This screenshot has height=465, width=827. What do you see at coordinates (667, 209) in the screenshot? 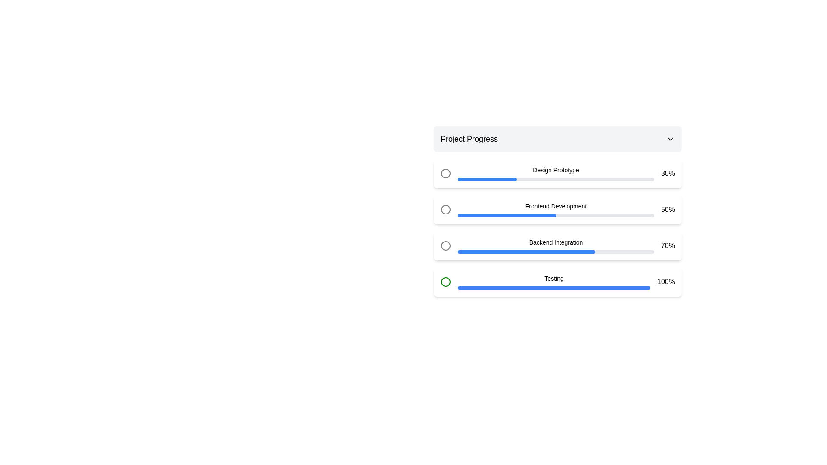
I see `text label displaying '50%' which is styled with a clean, sans-serif font and is located adjacent to the progress bar for 'Frontend Development'` at bounding box center [667, 209].